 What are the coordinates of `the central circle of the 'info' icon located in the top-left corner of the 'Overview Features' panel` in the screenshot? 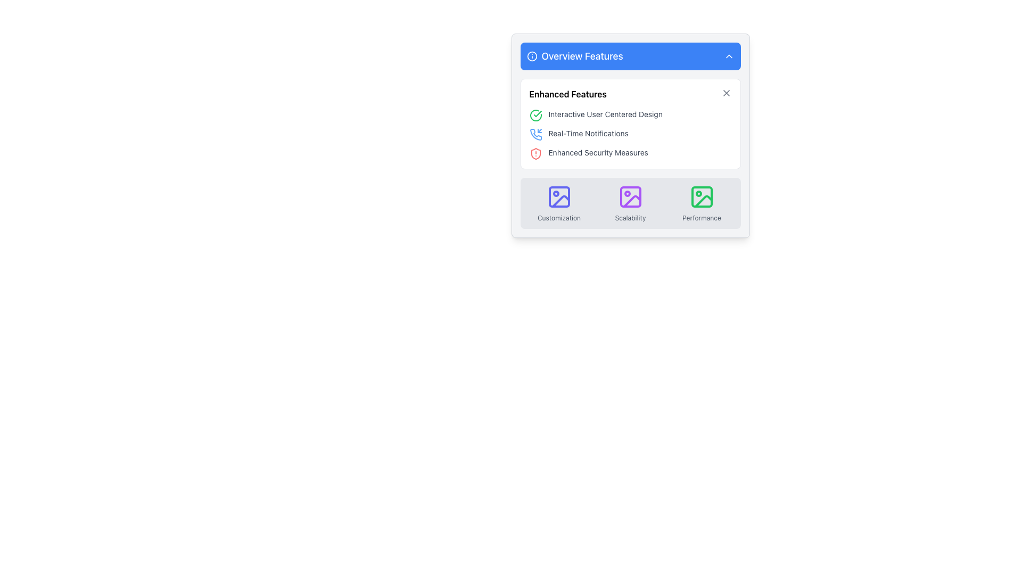 It's located at (532, 56).